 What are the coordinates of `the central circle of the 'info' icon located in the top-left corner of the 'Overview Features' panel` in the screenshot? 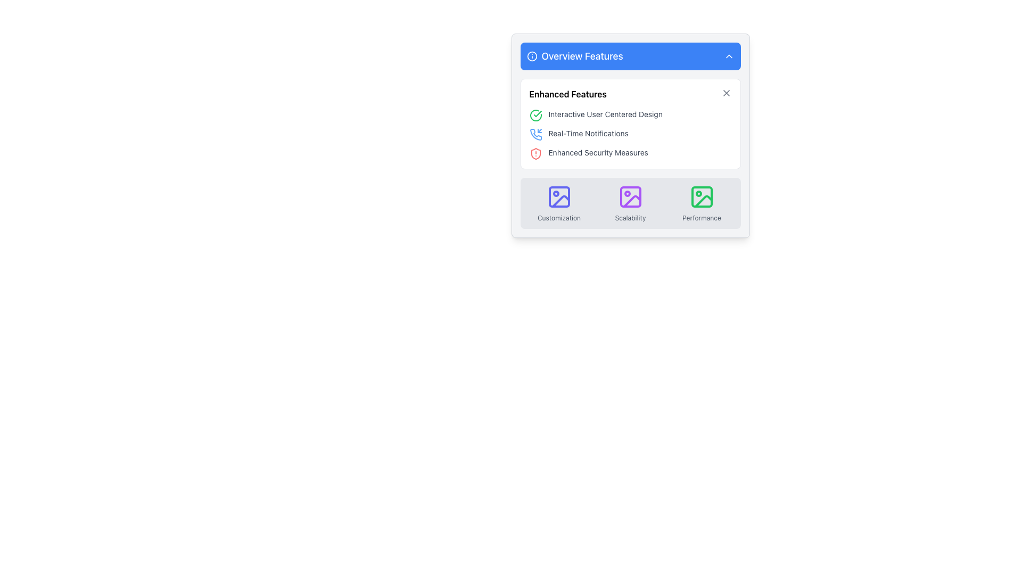 It's located at (532, 56).